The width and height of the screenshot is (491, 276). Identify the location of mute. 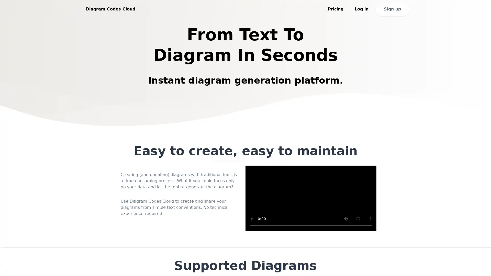
(346, 218).